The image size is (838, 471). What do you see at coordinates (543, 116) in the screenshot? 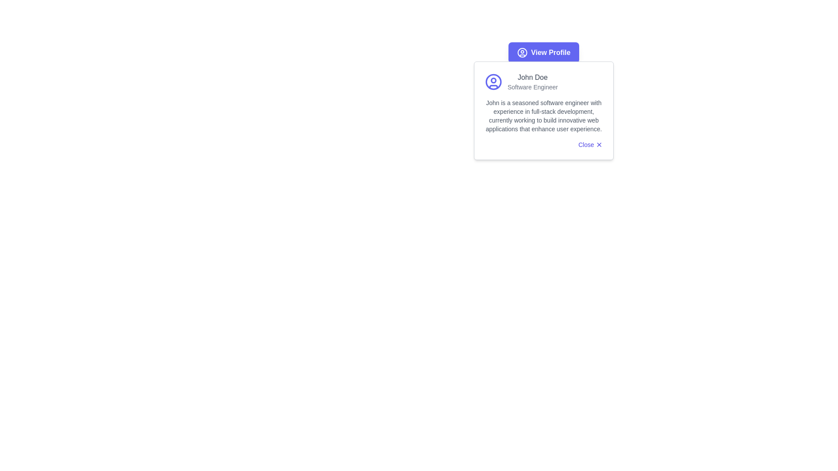
I see `detailed description text about John Doe, which is located below his title and subtitle within his information card` at bounding box center [543, 116].